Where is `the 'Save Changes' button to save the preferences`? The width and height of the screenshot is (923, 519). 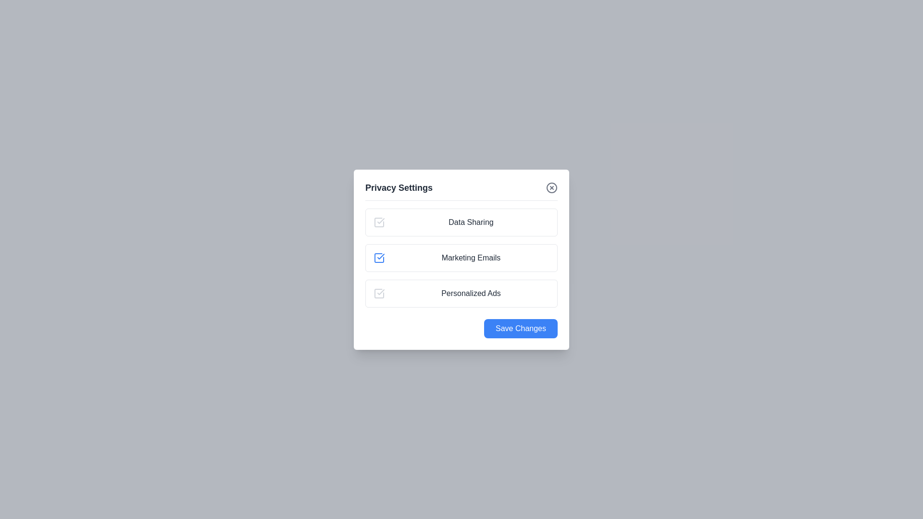 the 'Save Changes' button to save the preferences is located at coordinates (520, 328).